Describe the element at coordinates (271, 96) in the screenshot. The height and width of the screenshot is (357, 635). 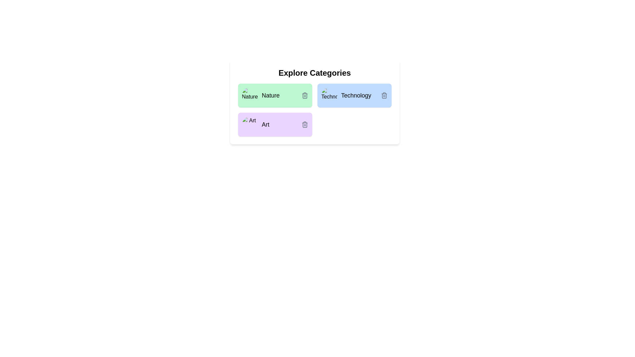
I see `the label of the chip identified by Nature` at that location.